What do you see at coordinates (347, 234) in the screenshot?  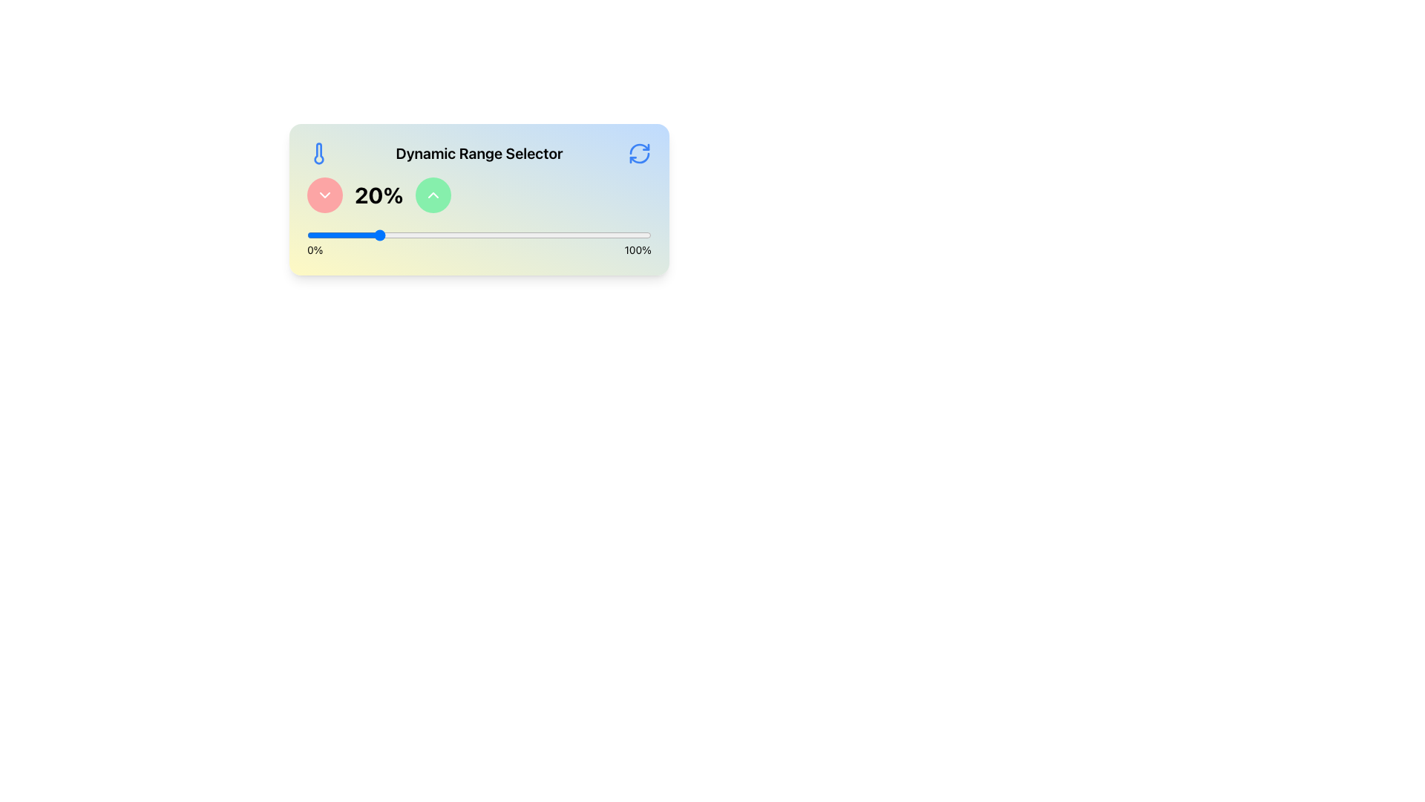 I see `the range slider value` at bounding box center [347, 234].